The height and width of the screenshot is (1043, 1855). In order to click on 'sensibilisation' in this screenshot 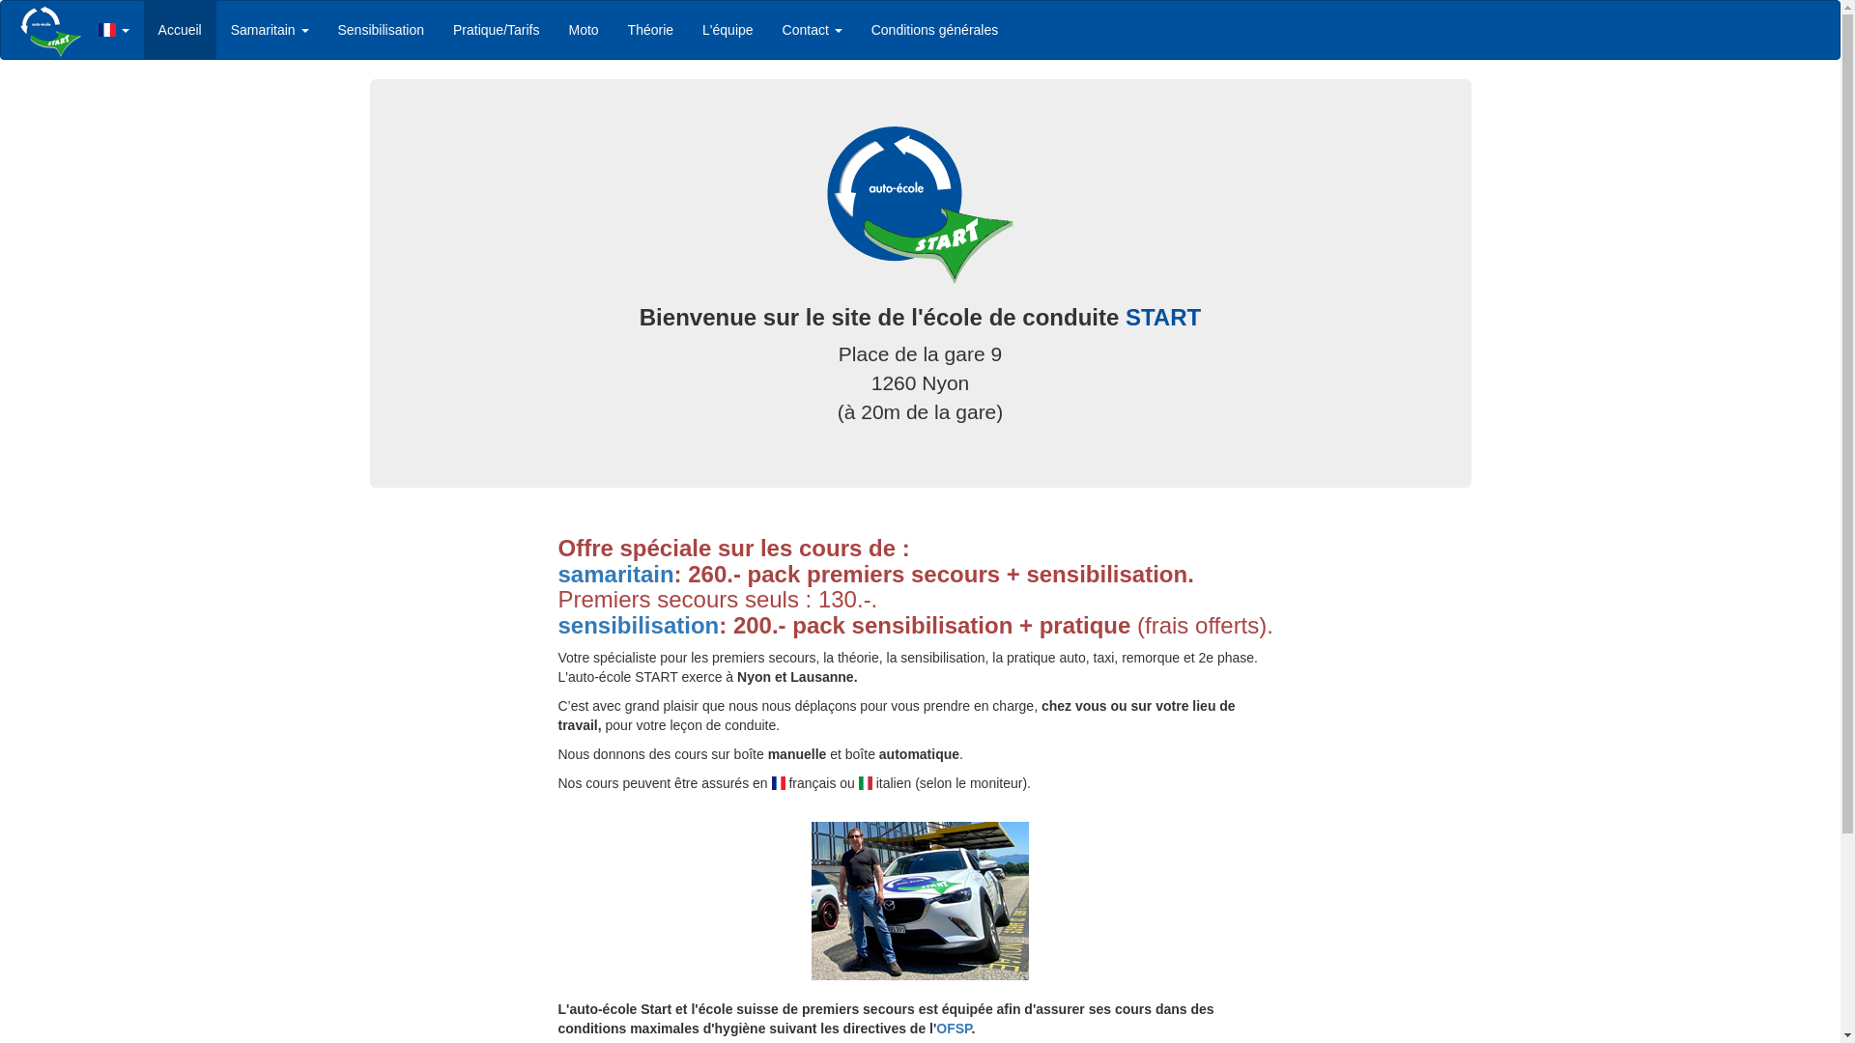, I will do `click(639, 625)`.